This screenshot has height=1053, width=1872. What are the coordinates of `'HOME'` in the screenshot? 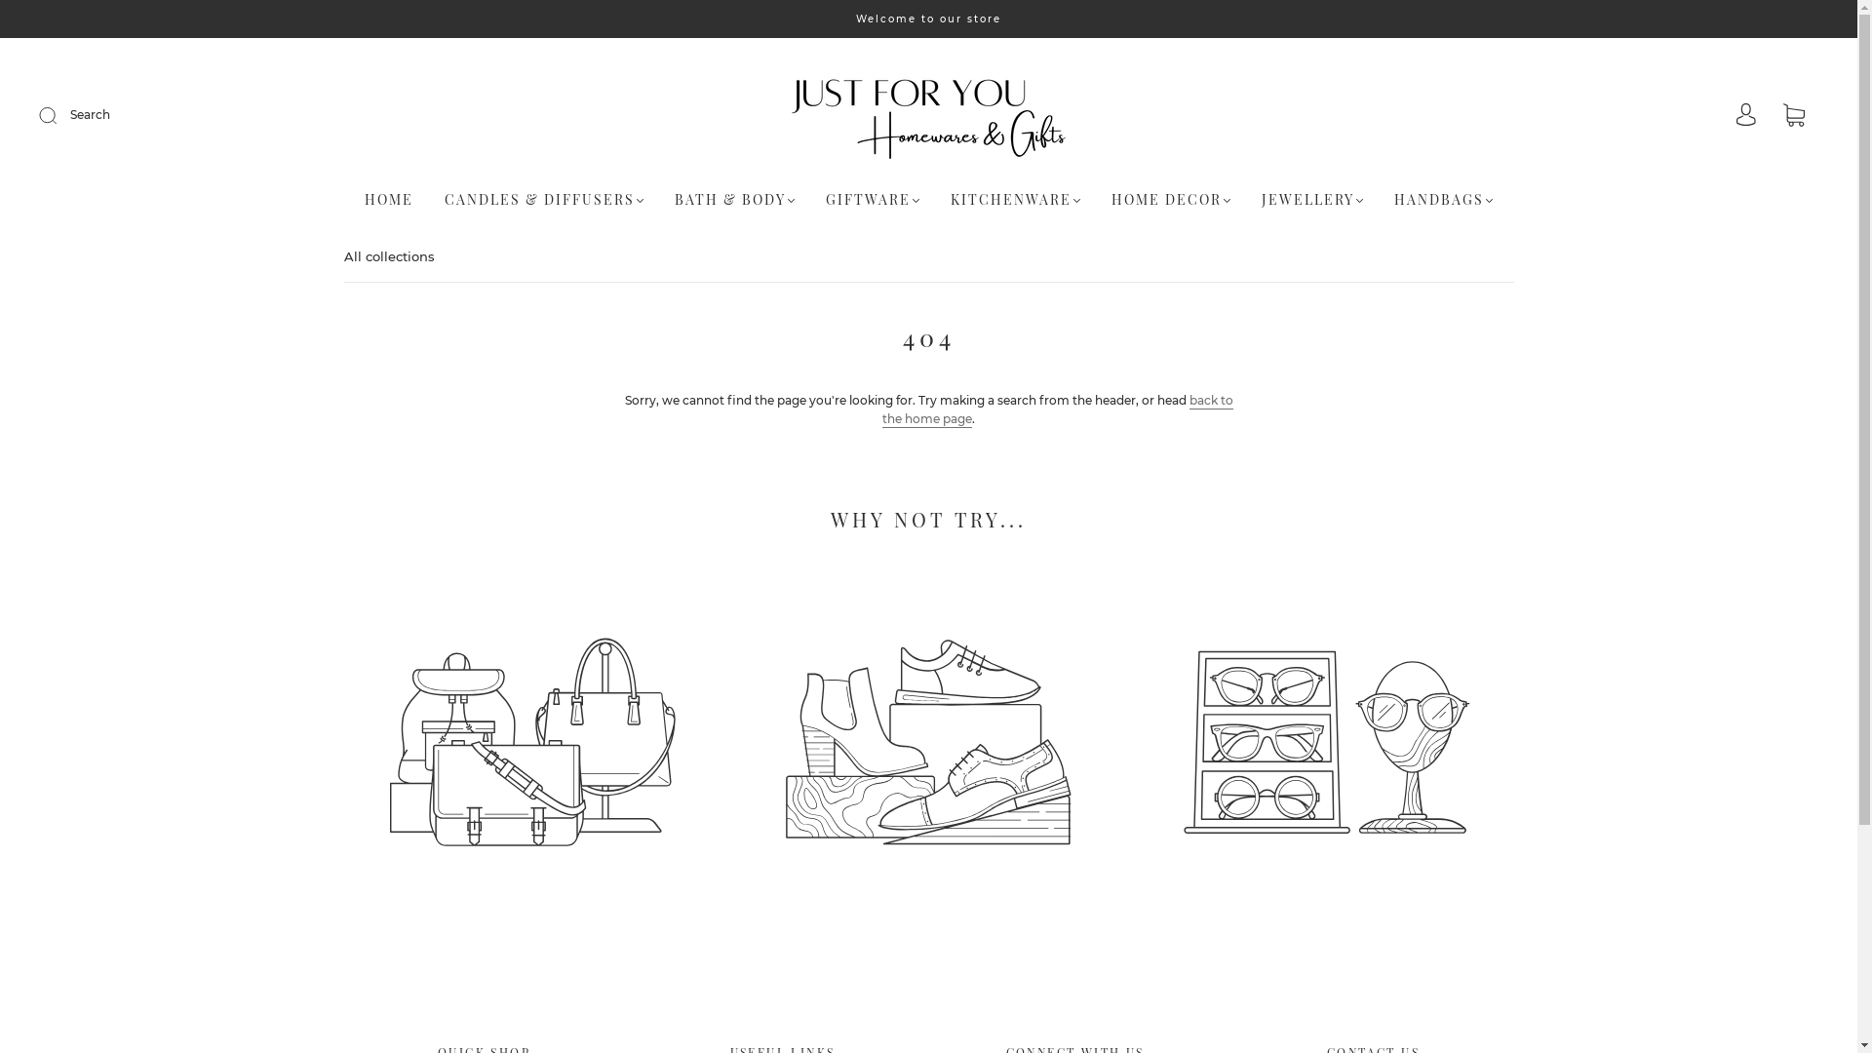 It's located at (388, 199).